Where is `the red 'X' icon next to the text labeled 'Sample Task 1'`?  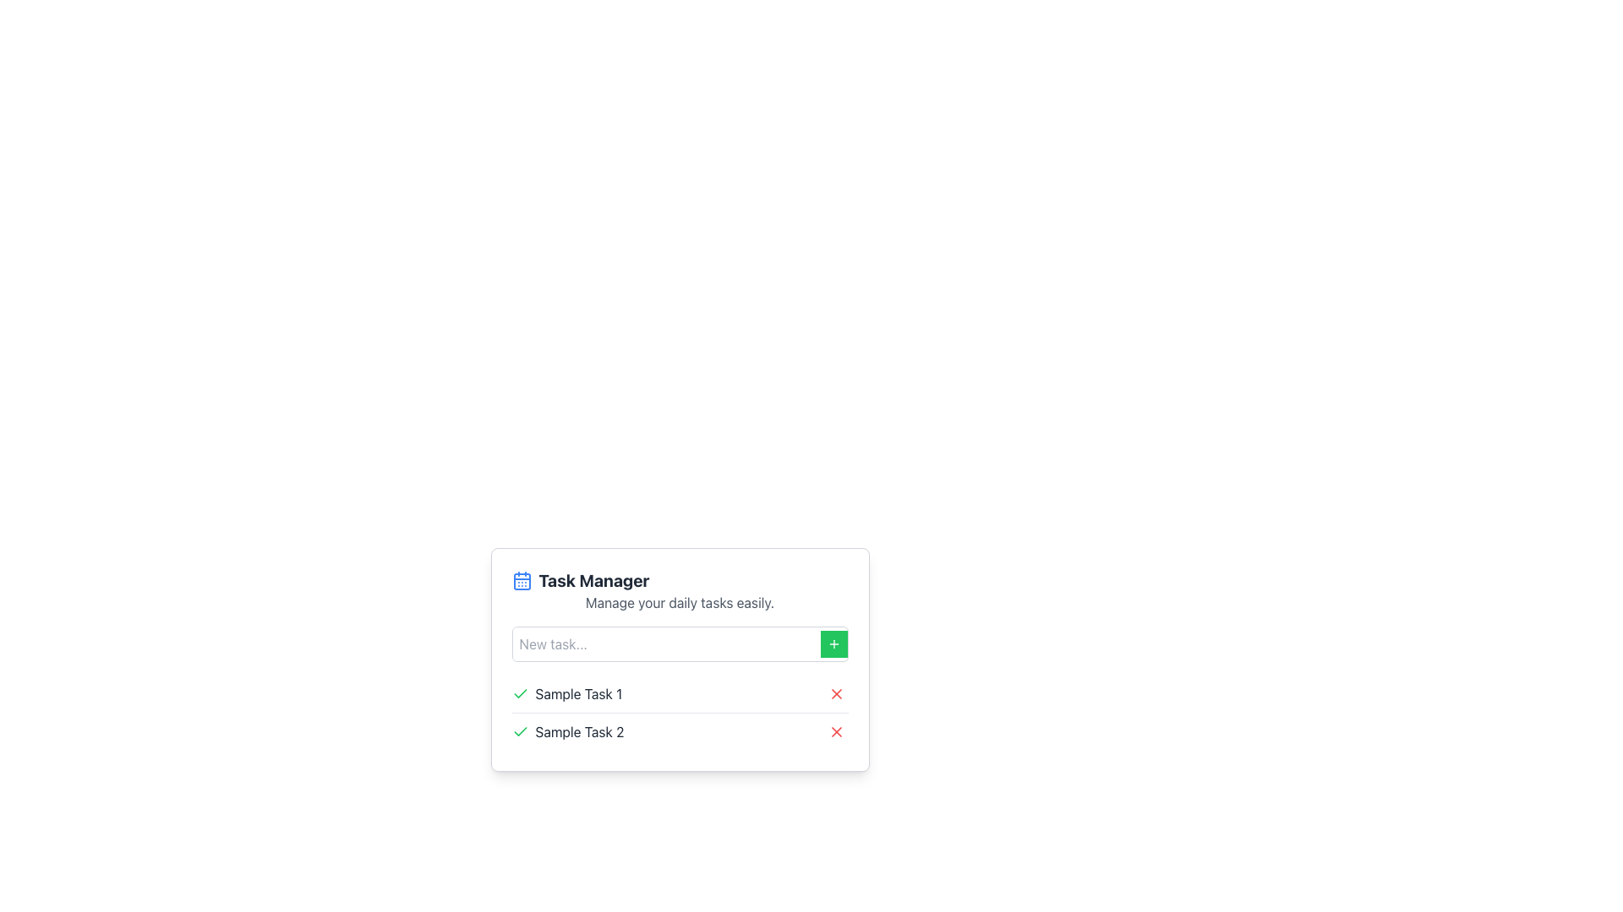 the red 'X' icon next to the text labeled 'Sample Task 1' is located at coordinates (836, 693).